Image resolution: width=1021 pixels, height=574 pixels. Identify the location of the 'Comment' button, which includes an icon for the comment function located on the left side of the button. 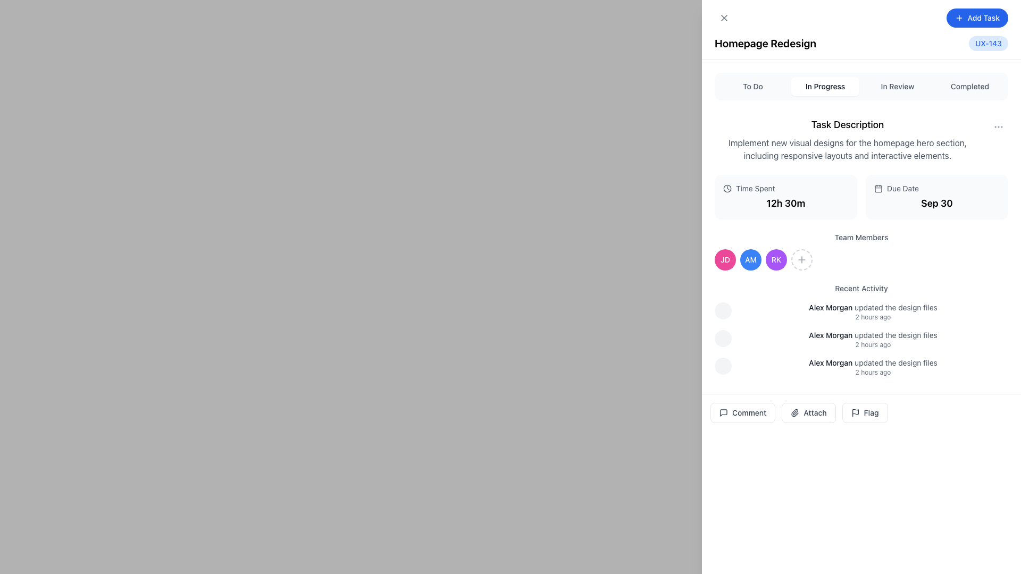
(723, 412).